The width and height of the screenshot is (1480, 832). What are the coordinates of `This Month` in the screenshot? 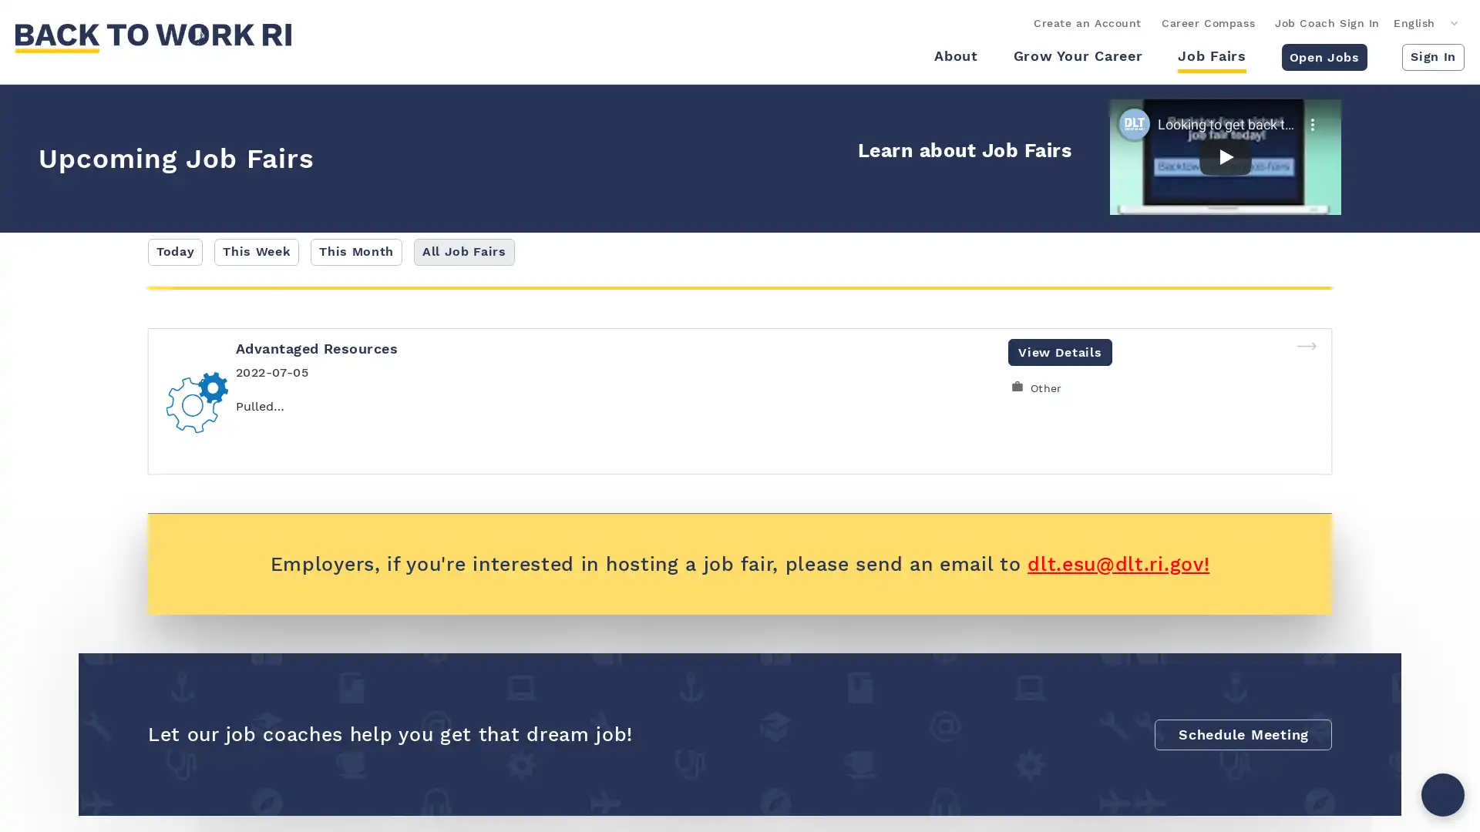 It's located at (355, 251).